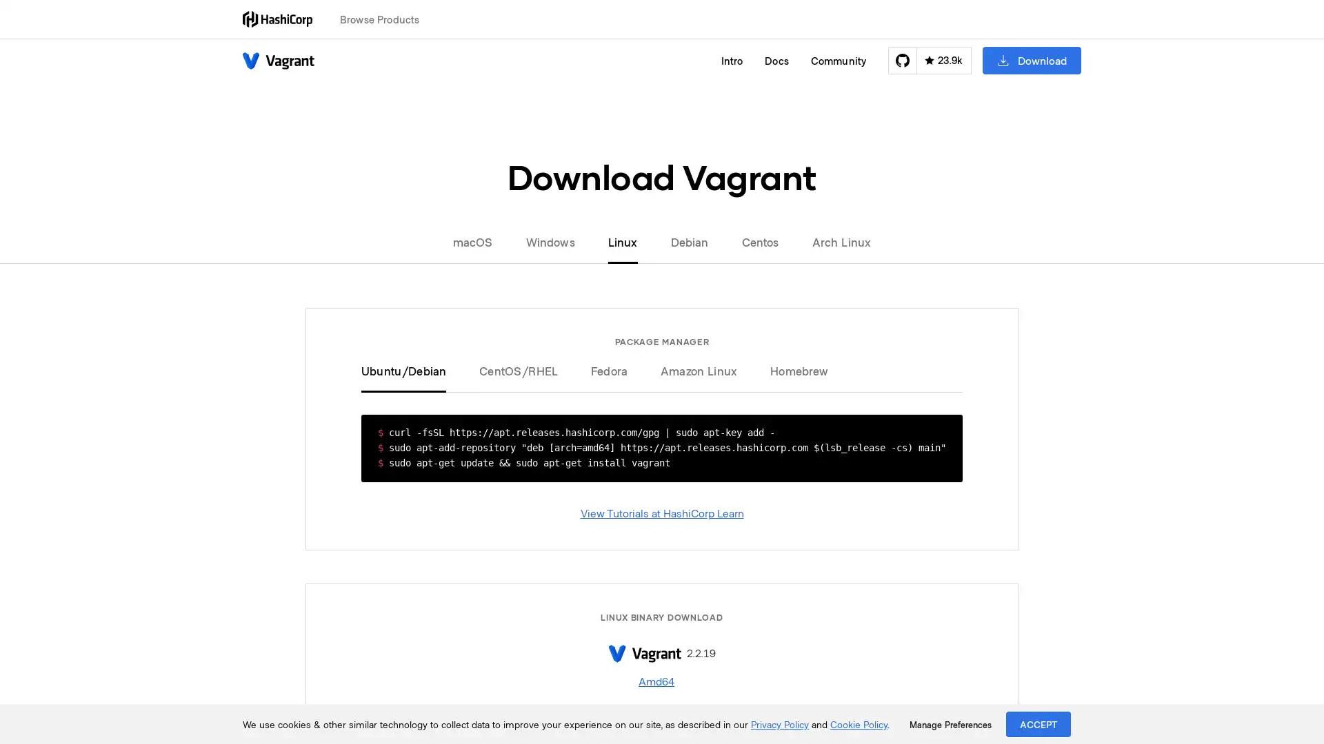 The height and width of the screenshot is (744, 1324). Describe the element at coordinates (1039, 723) in the screenshot. I see `ACCEPT` at that location.